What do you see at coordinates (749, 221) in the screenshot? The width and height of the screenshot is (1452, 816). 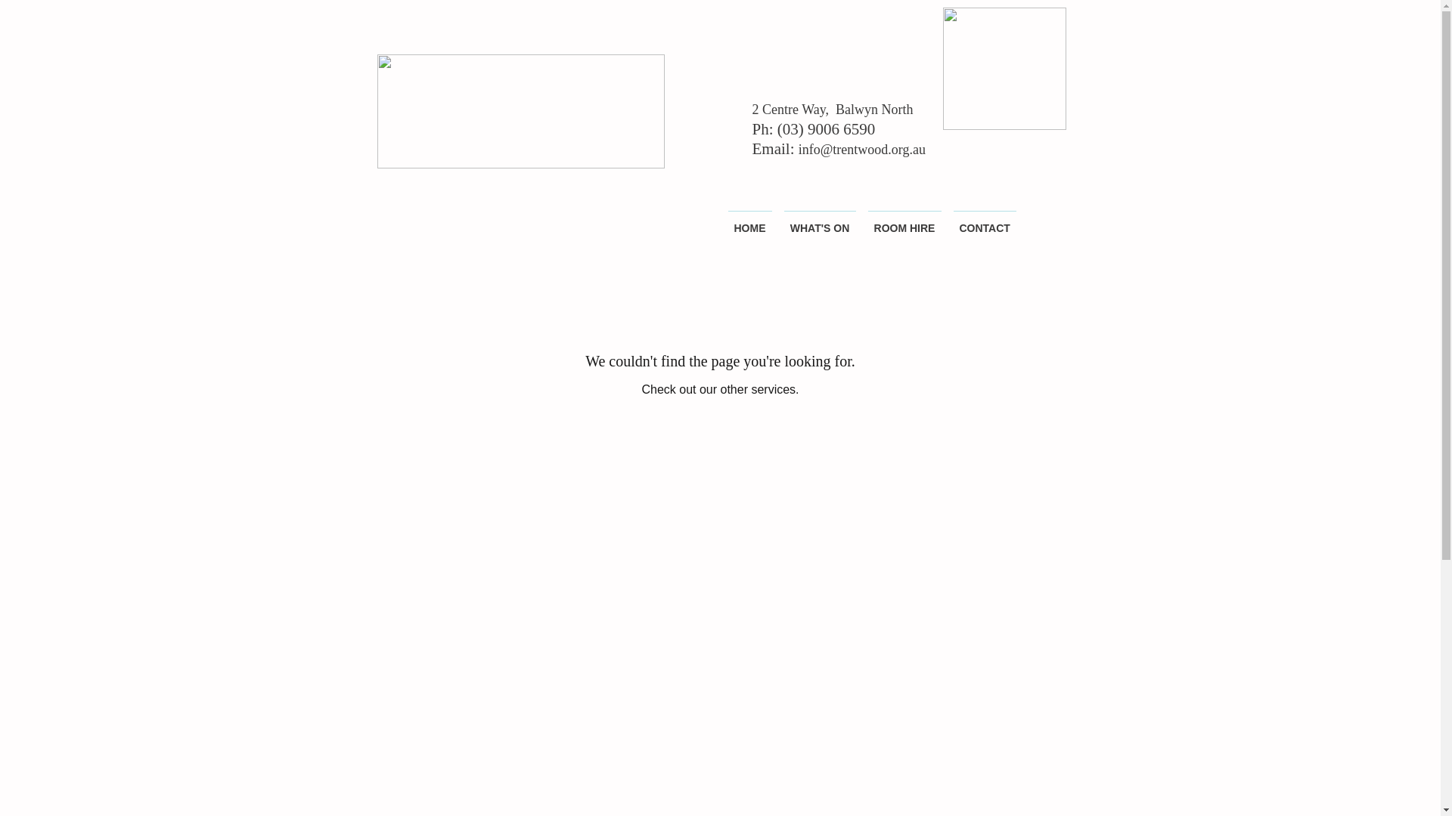 I see `'HOME'` at bounding box center [749, 221].